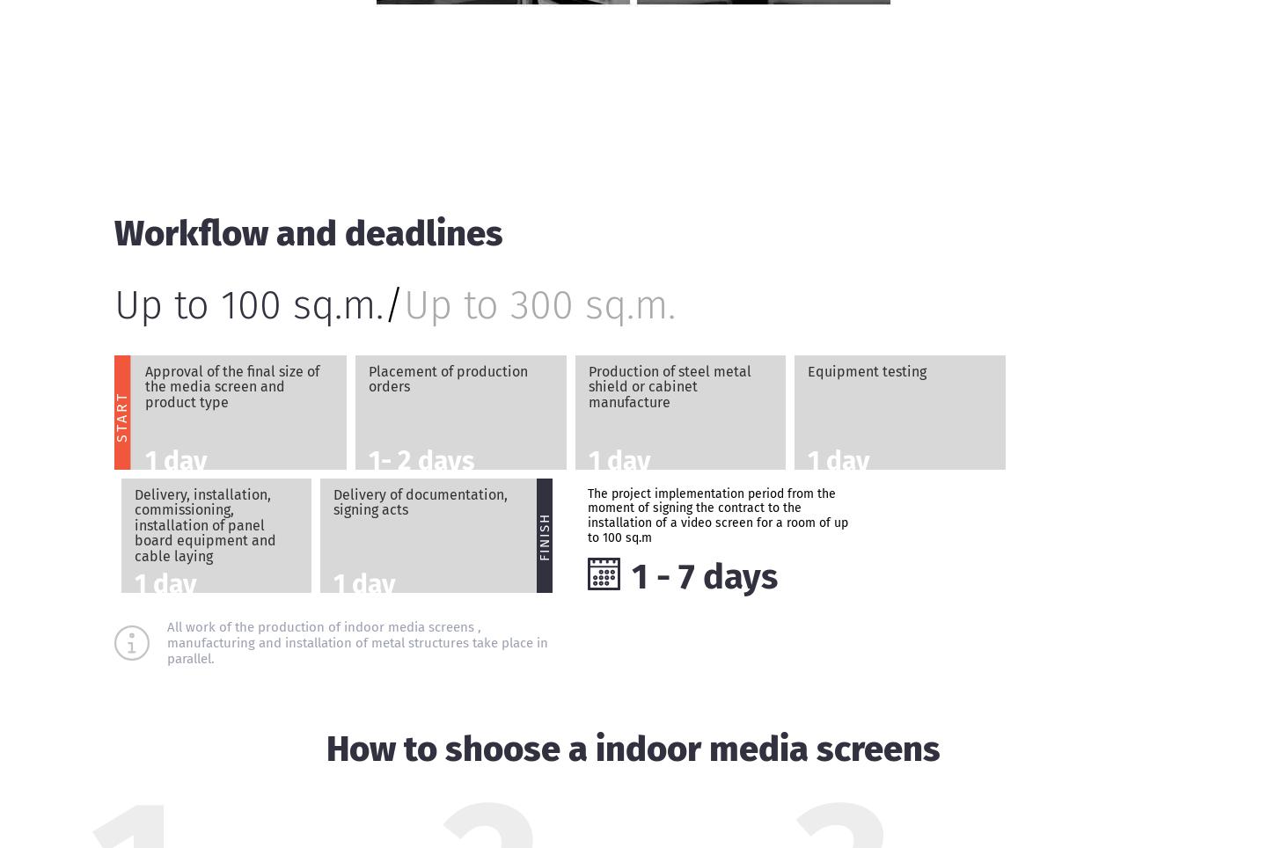 The width and height of the screenshot is (1267, 848). I want to click on 'Up to 300 sq.m.', so click(403, 303).